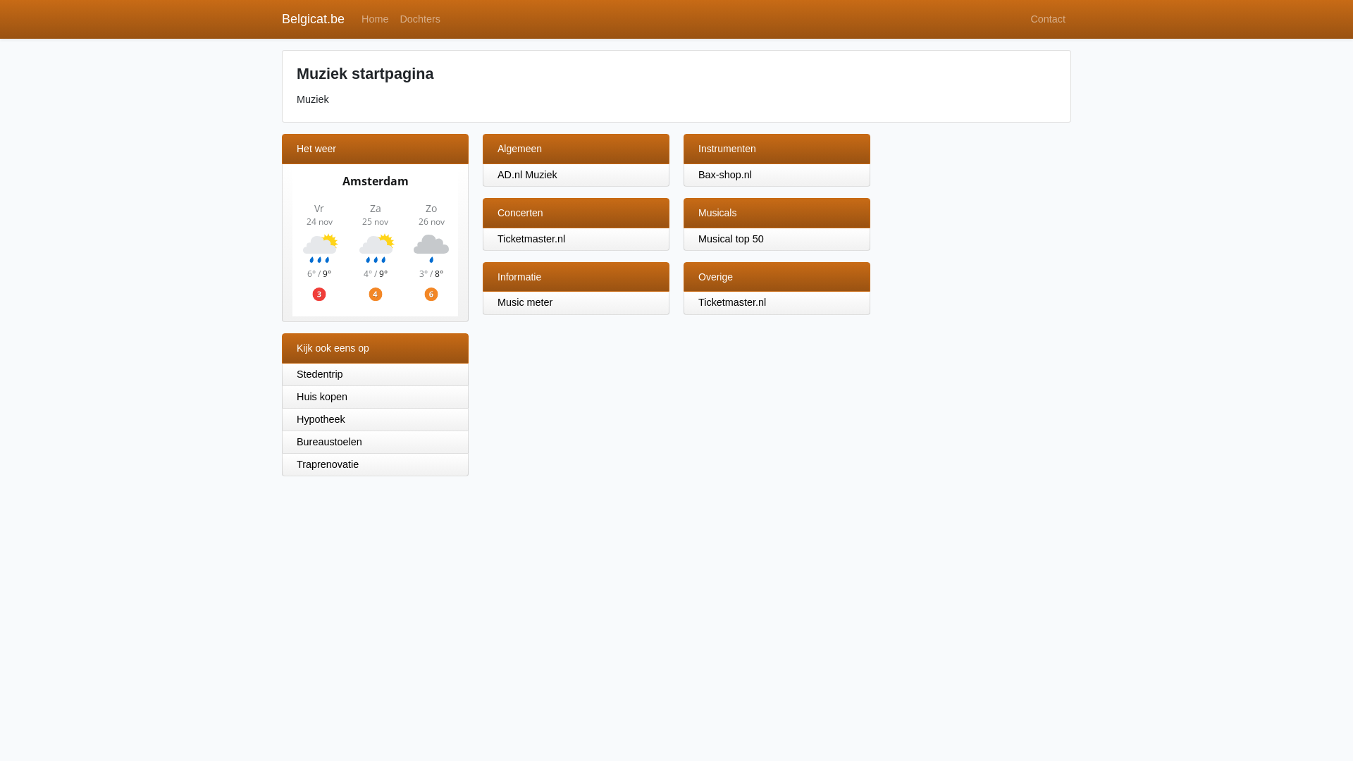  What do you see at coordinates (375, 464) in the screenshot?
I see `'Traprenovatie'` at bounding box center [375, 464].